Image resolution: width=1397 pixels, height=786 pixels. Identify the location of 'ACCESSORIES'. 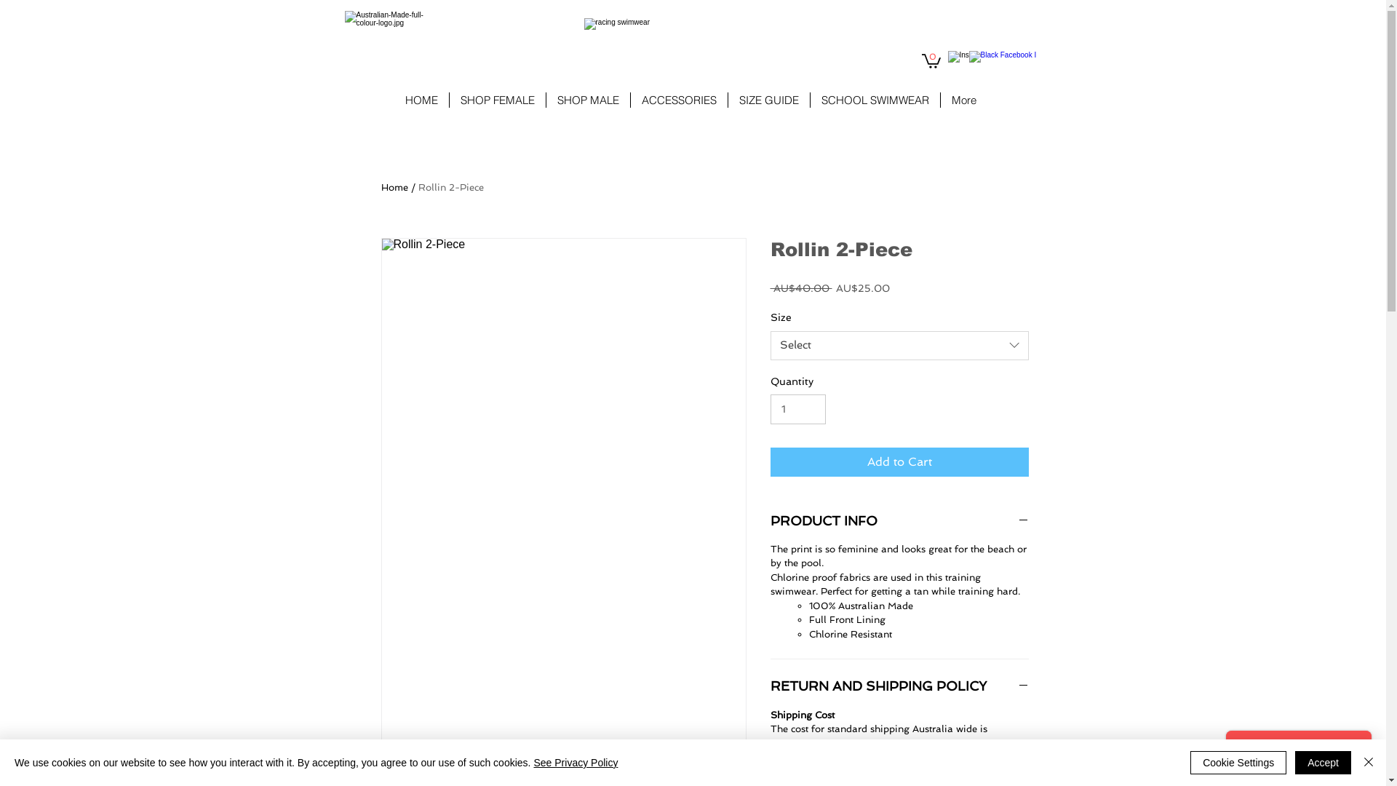
(677, 99).